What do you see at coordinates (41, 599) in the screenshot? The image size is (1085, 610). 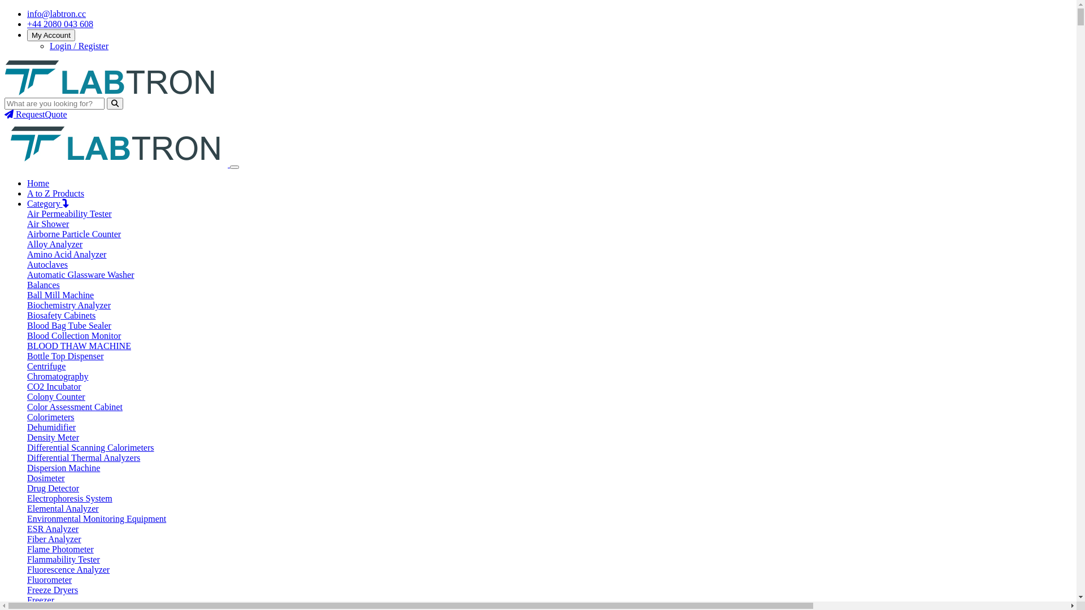 I see `'Freezer'` at bounding box center [41, 599].